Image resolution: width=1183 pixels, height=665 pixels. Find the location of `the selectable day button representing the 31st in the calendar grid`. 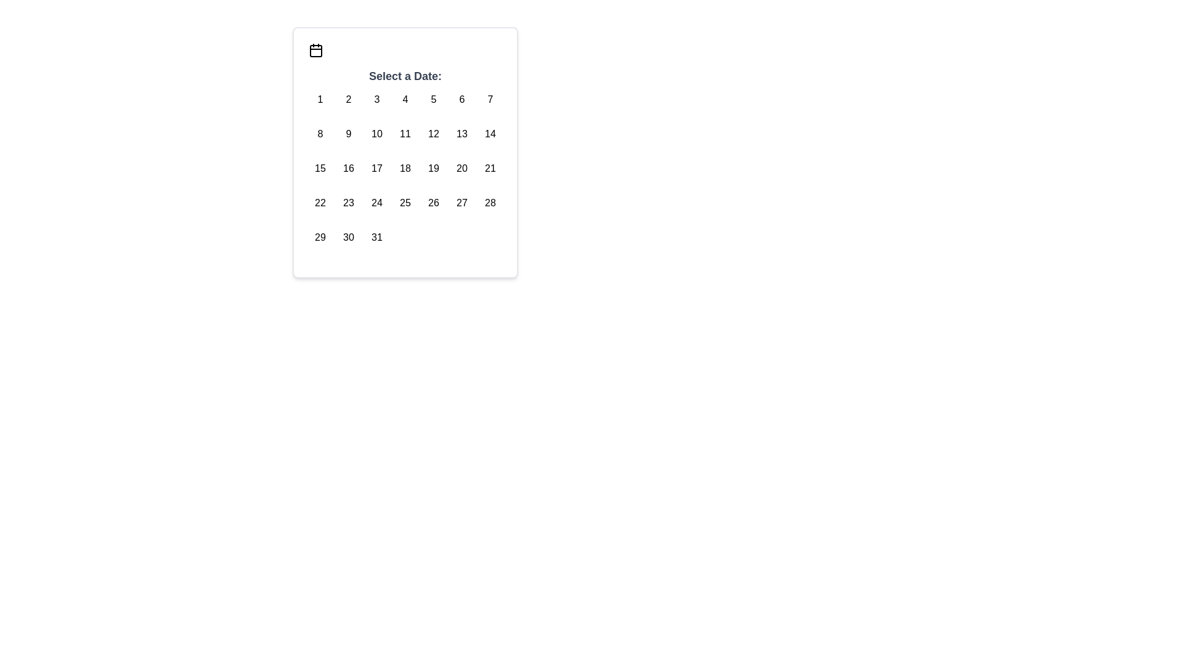

the selectable day button representing the 31st in the calendar grid is located at coordinates (376, 237).